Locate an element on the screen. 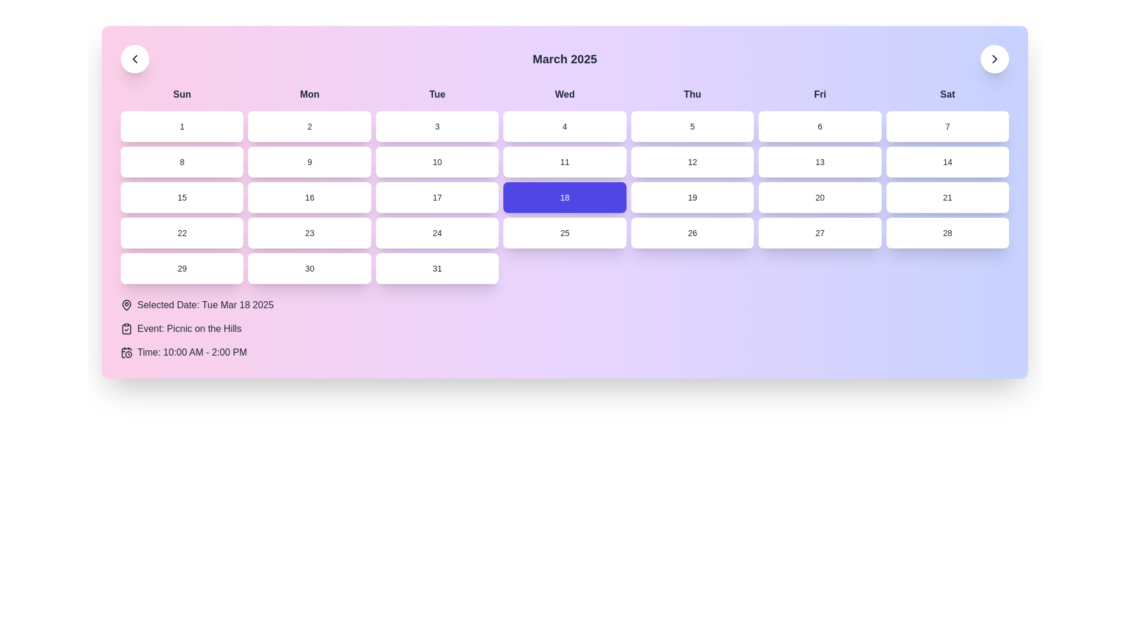  the selectable calendar date button labeled '16', located is located at coordinates (310, 197).